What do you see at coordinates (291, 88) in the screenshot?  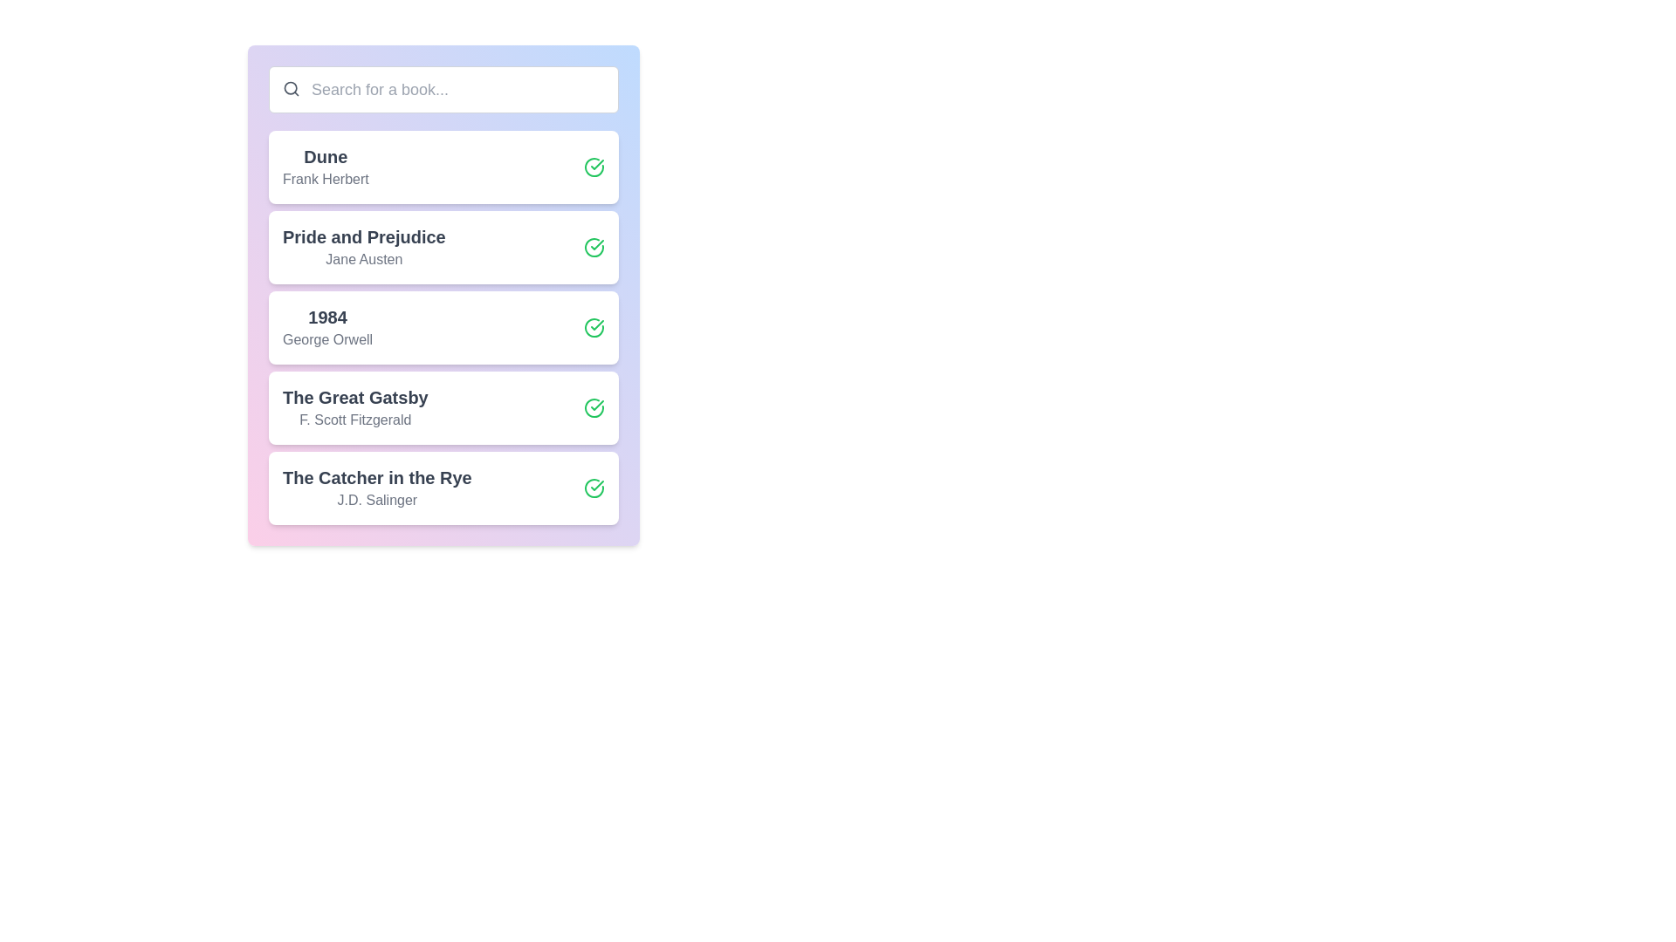 I see `the inner circle of the search icon in the top-left corner of the search bar` at bounding box center [291, 88].